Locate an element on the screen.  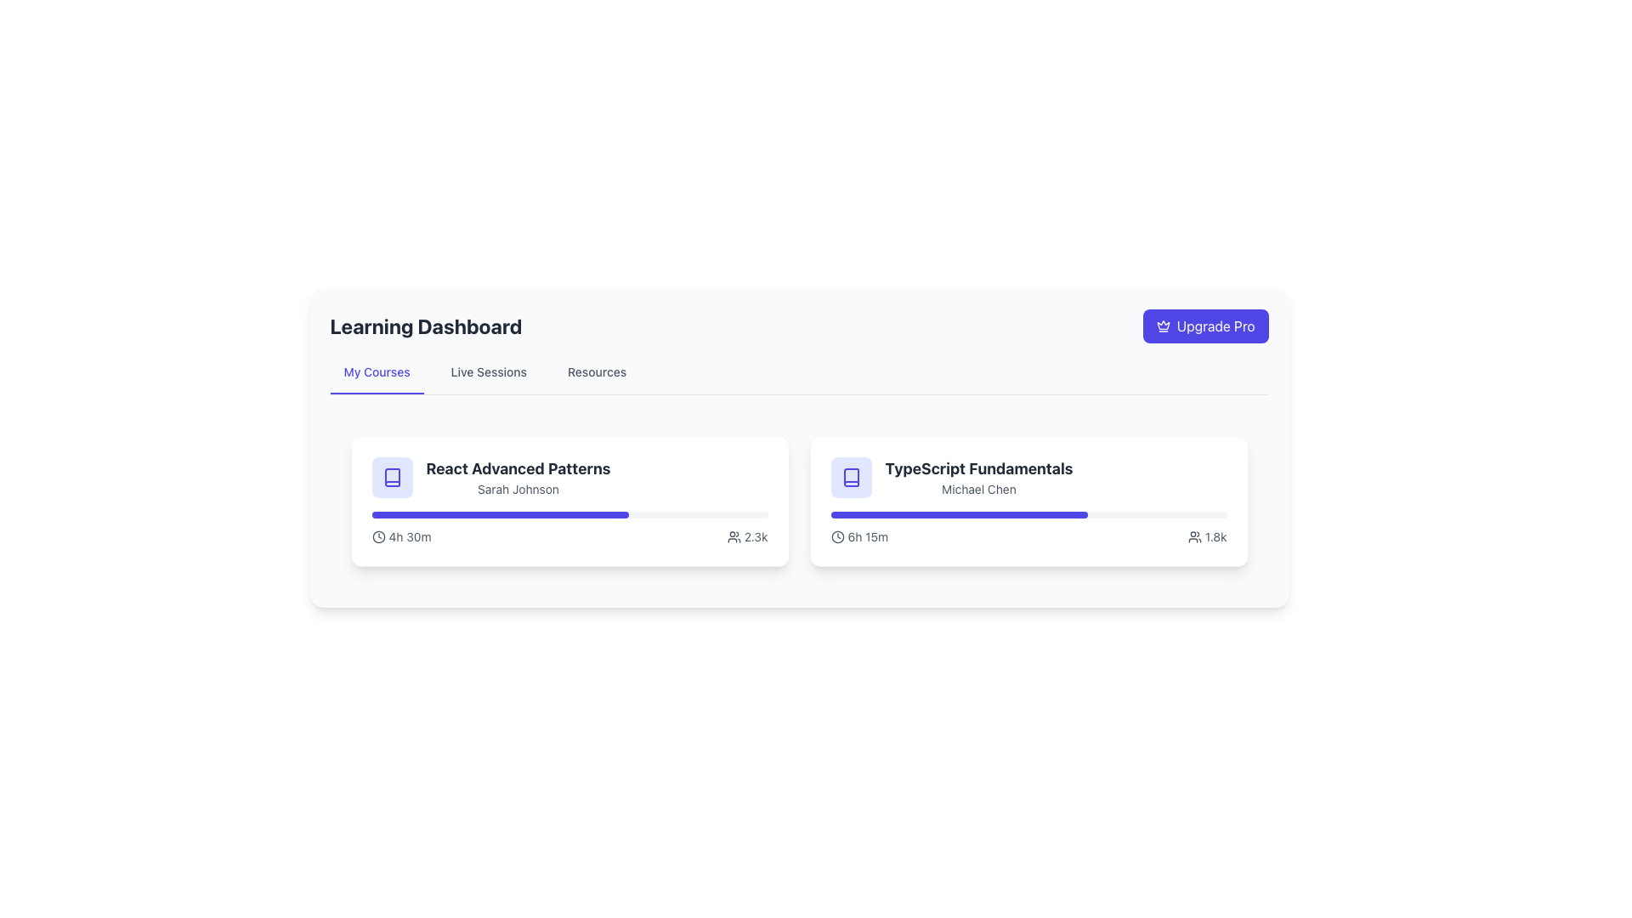
the small indigo book icon located at the top-left corner of the second card in the horizontal list of course information on the dashboard, which is directly above the course title 'TypeScript Fundamentals' is located at coordinates (851, 478).